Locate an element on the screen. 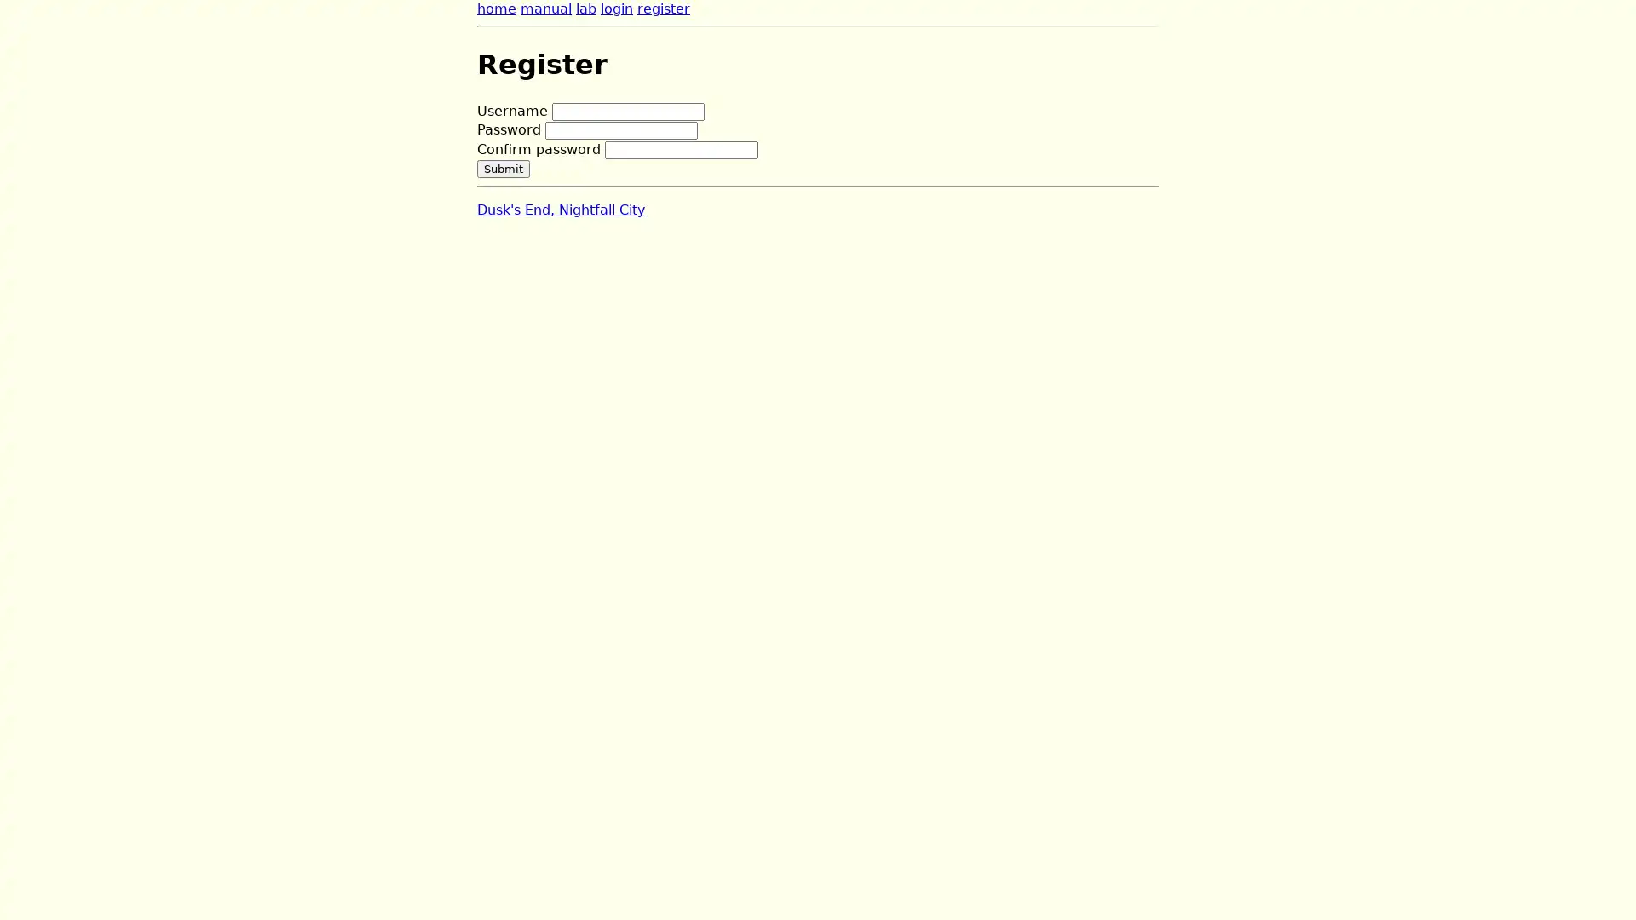 The width and height of the screenshot is (1636, 920). Submit is located at coordinates (502, 169).